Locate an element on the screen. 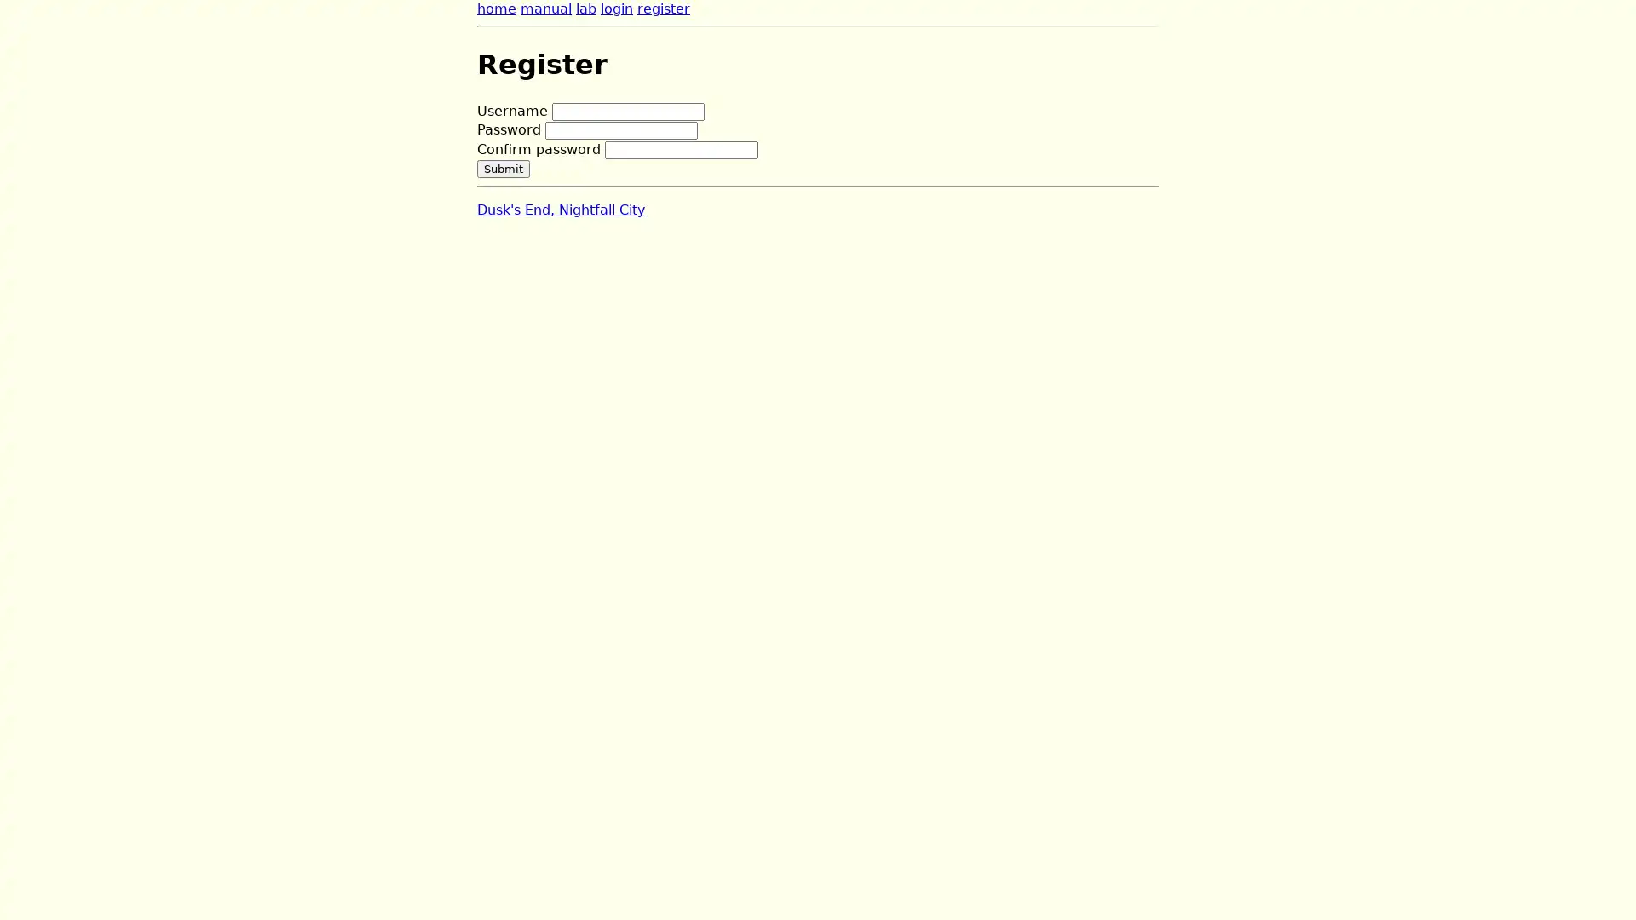 The width and height of the screenshot is (1636, 920). Submit is located at coordinates (502, 169).